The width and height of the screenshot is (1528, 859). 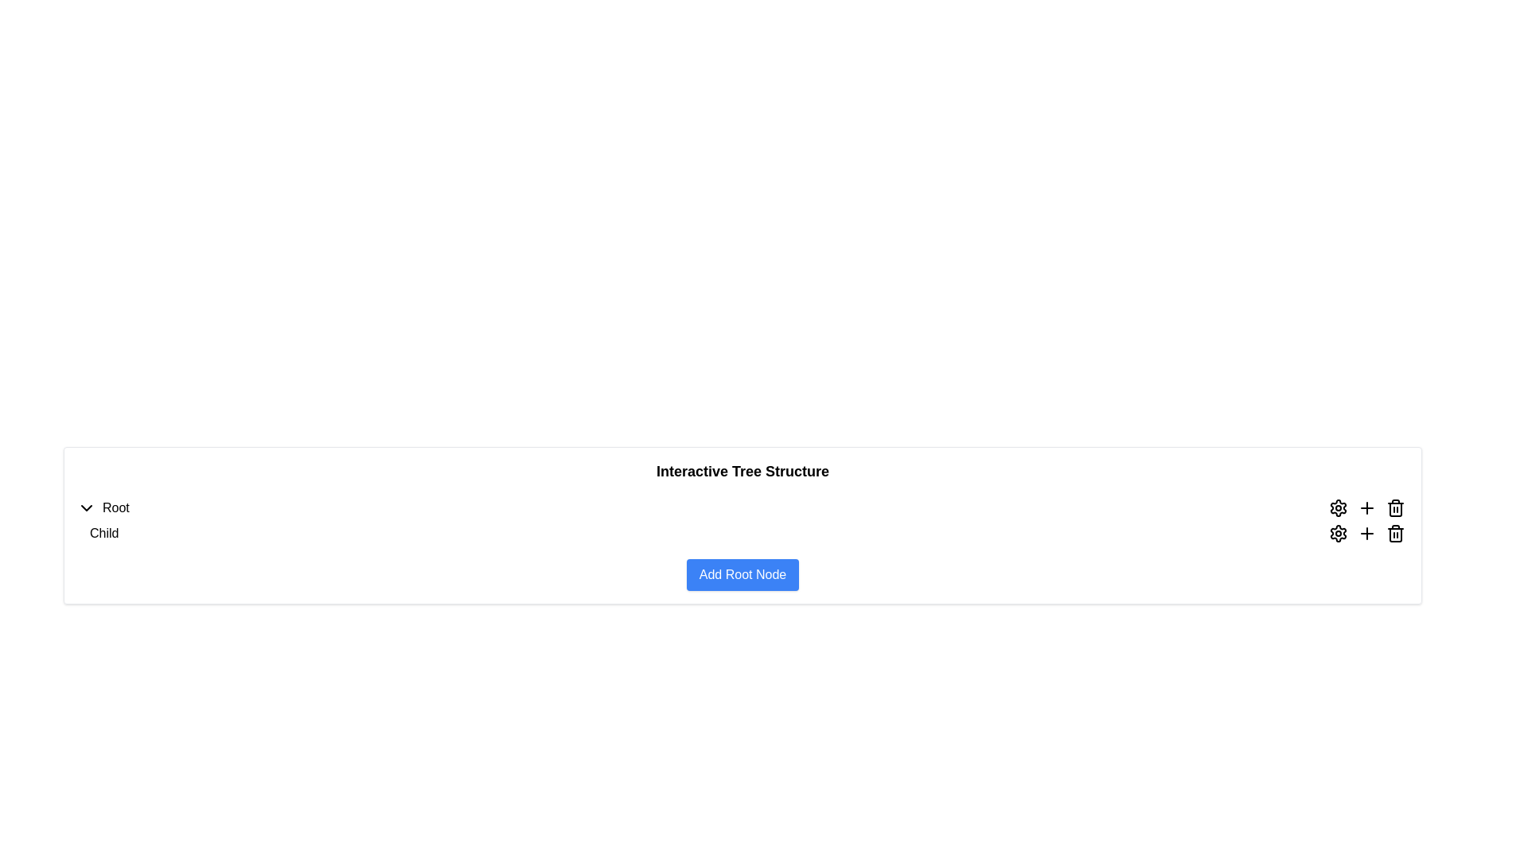 What do you see at coordinates (1337, 508) in the screenshot?
I see `the gear-shaped settings icon located in the bottom-right area of the interface` at bounding box center [1337, 508].